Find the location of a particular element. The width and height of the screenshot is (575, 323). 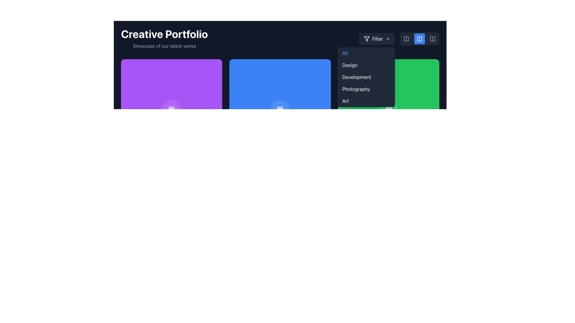

the circular button with a semi-transparent white background and a 3x3 grid-like icon in the center is located at coordinates (388, 110).